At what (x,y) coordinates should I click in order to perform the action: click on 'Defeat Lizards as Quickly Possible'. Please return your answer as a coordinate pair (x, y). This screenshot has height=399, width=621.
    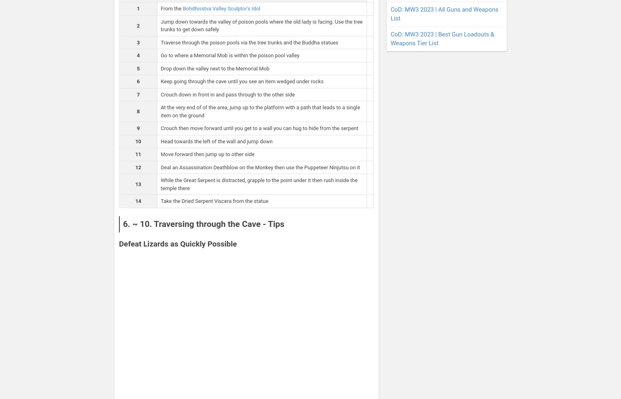
    Looking at the image, I should click on (119, 243).